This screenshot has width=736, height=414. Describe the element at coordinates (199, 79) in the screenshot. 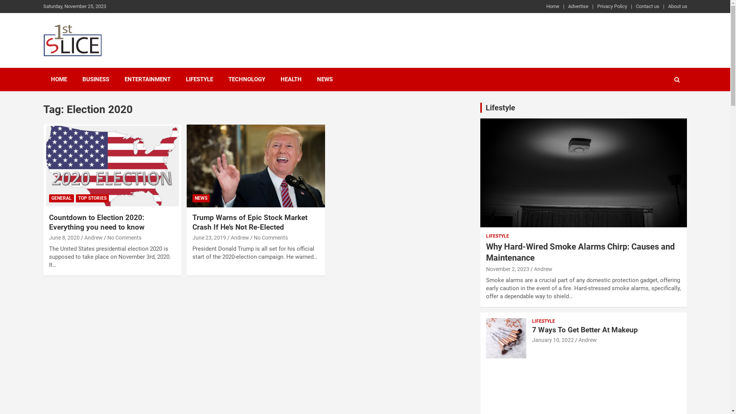

I see `'LIFESTYLE'` at that location.